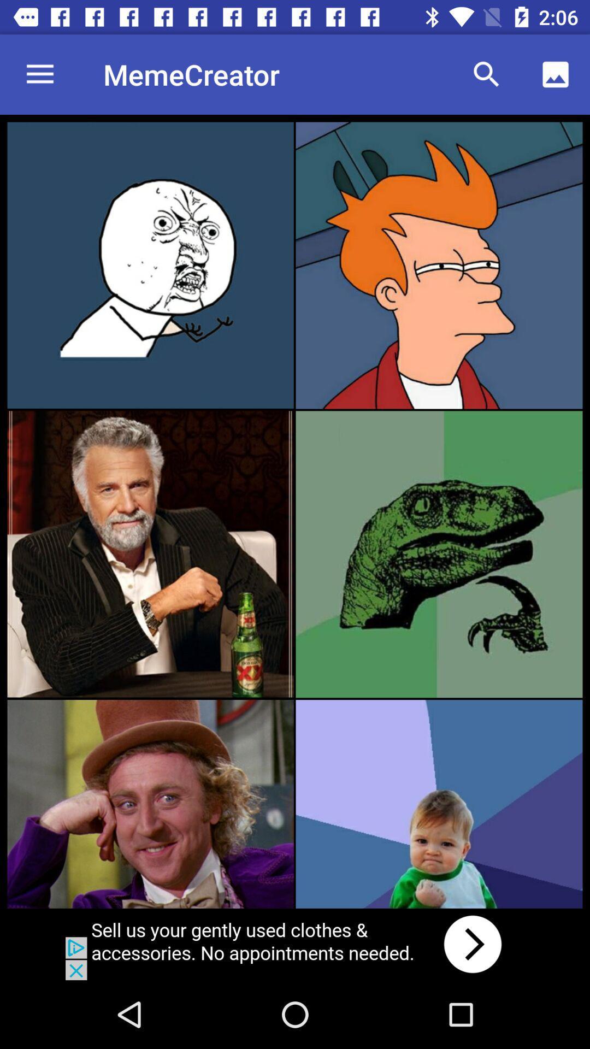 The width and height of the screenshot is (590, 1049). What do you see at coordinates (438, 265) in the screenshot?
I see `cartoon picture` at bounding box center [438, 265].